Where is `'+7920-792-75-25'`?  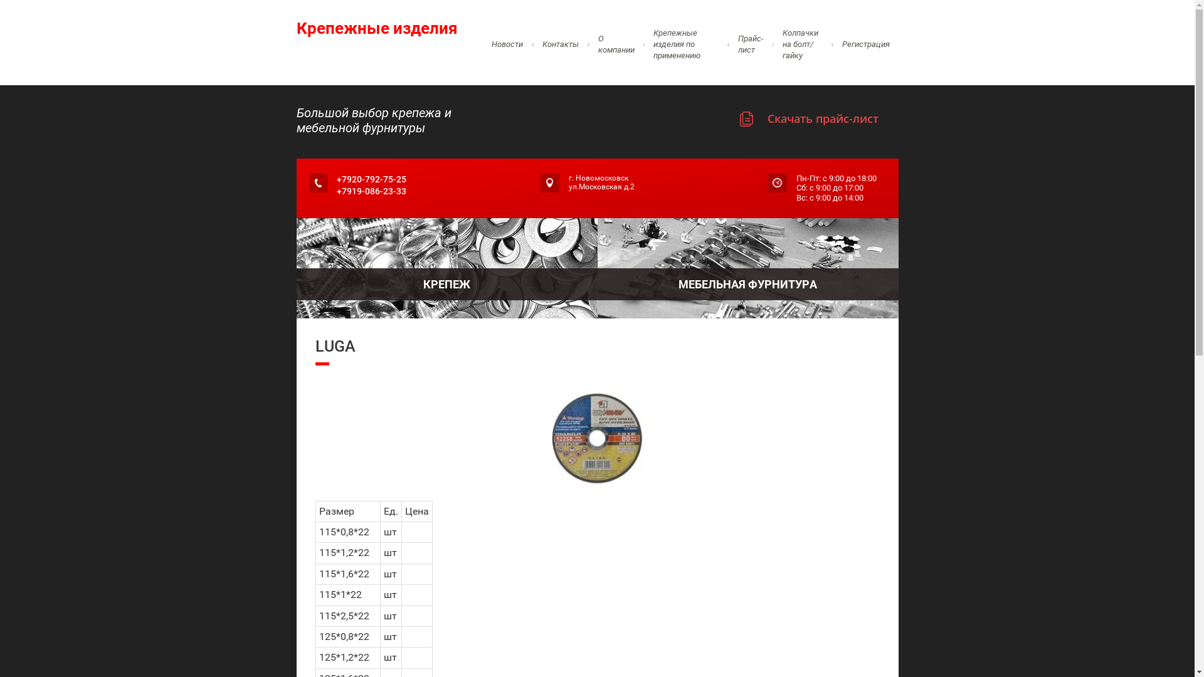
'+7920-792-75-25' is located at coordinates (370, 179).